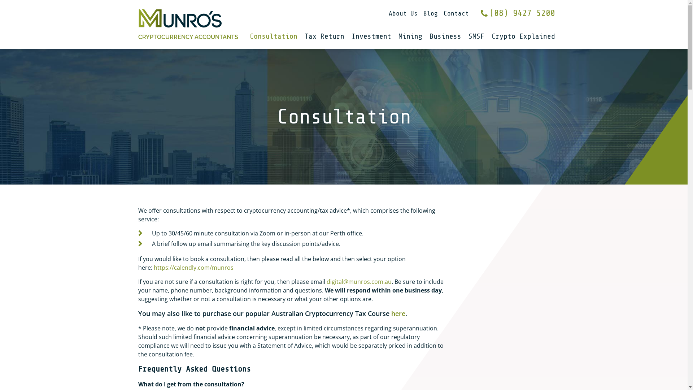  What do you see at coordinates (455, 13) in the screenshot?
I see `'Contact'` at bounding box center [455, 13].